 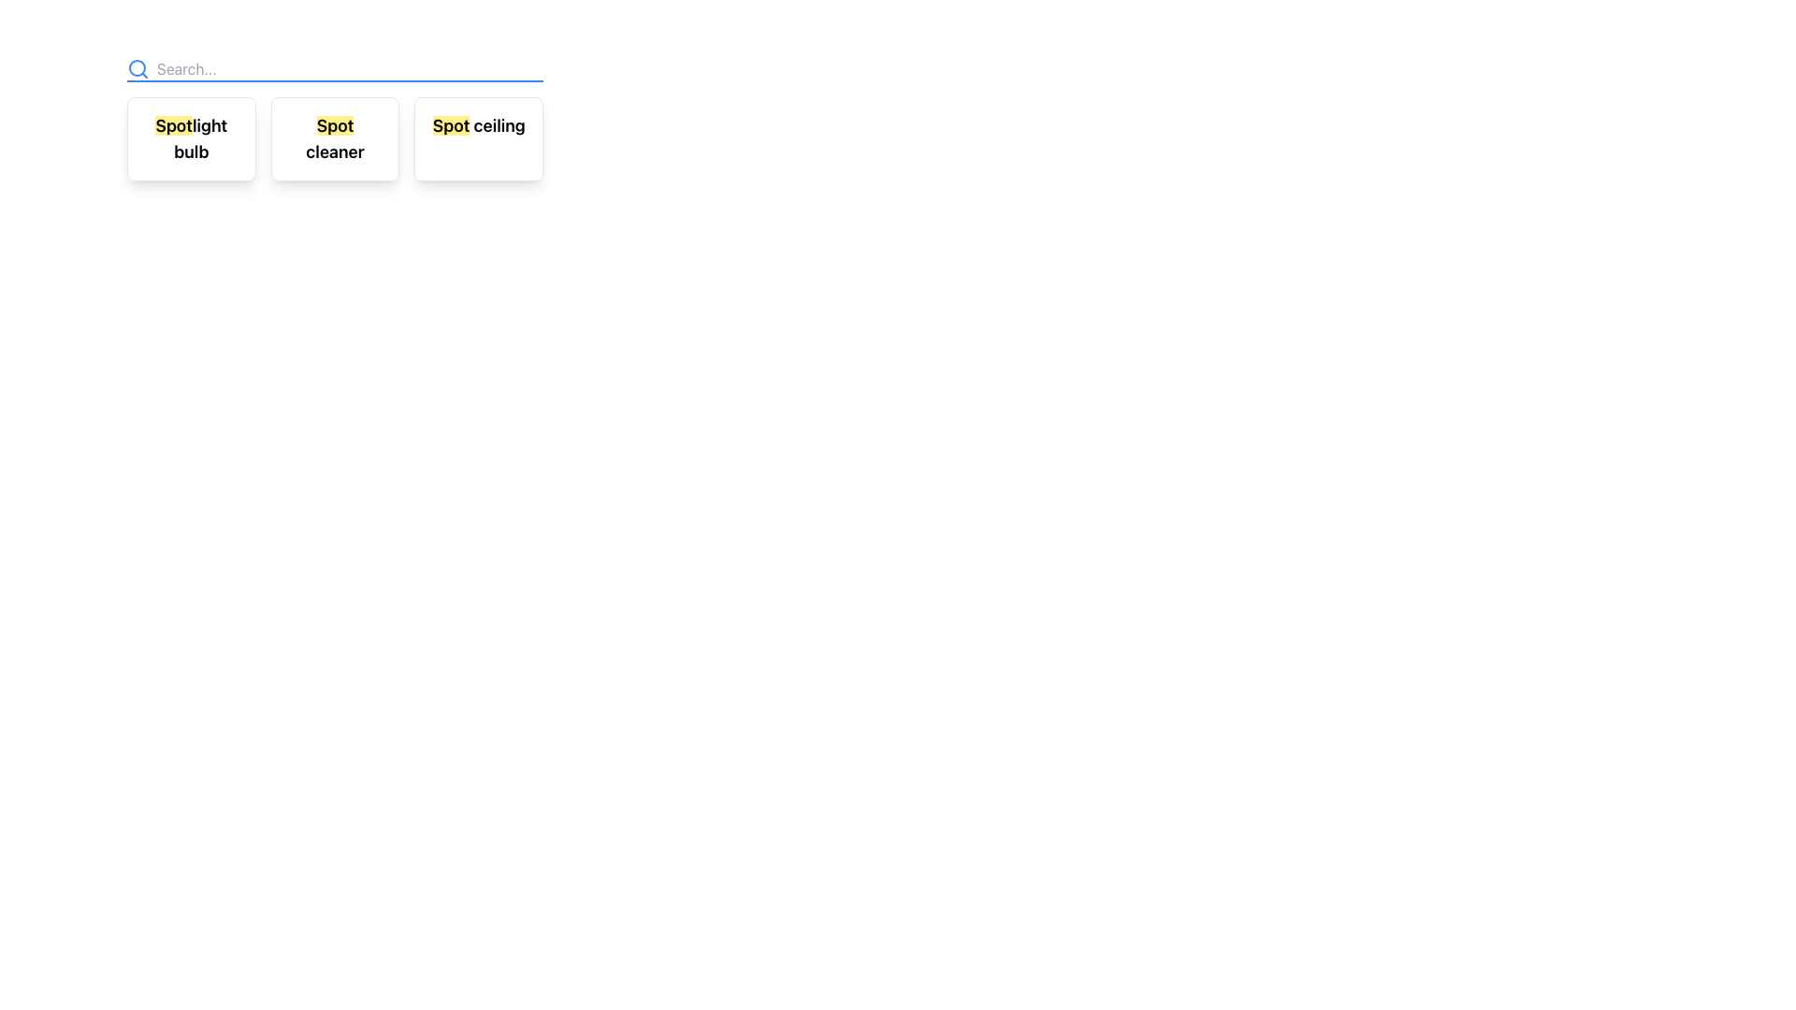 I want to click on the blue search icon resembling a magnifying glass to trigger a tooltip or highlight effect, so click(x=138, y=67).